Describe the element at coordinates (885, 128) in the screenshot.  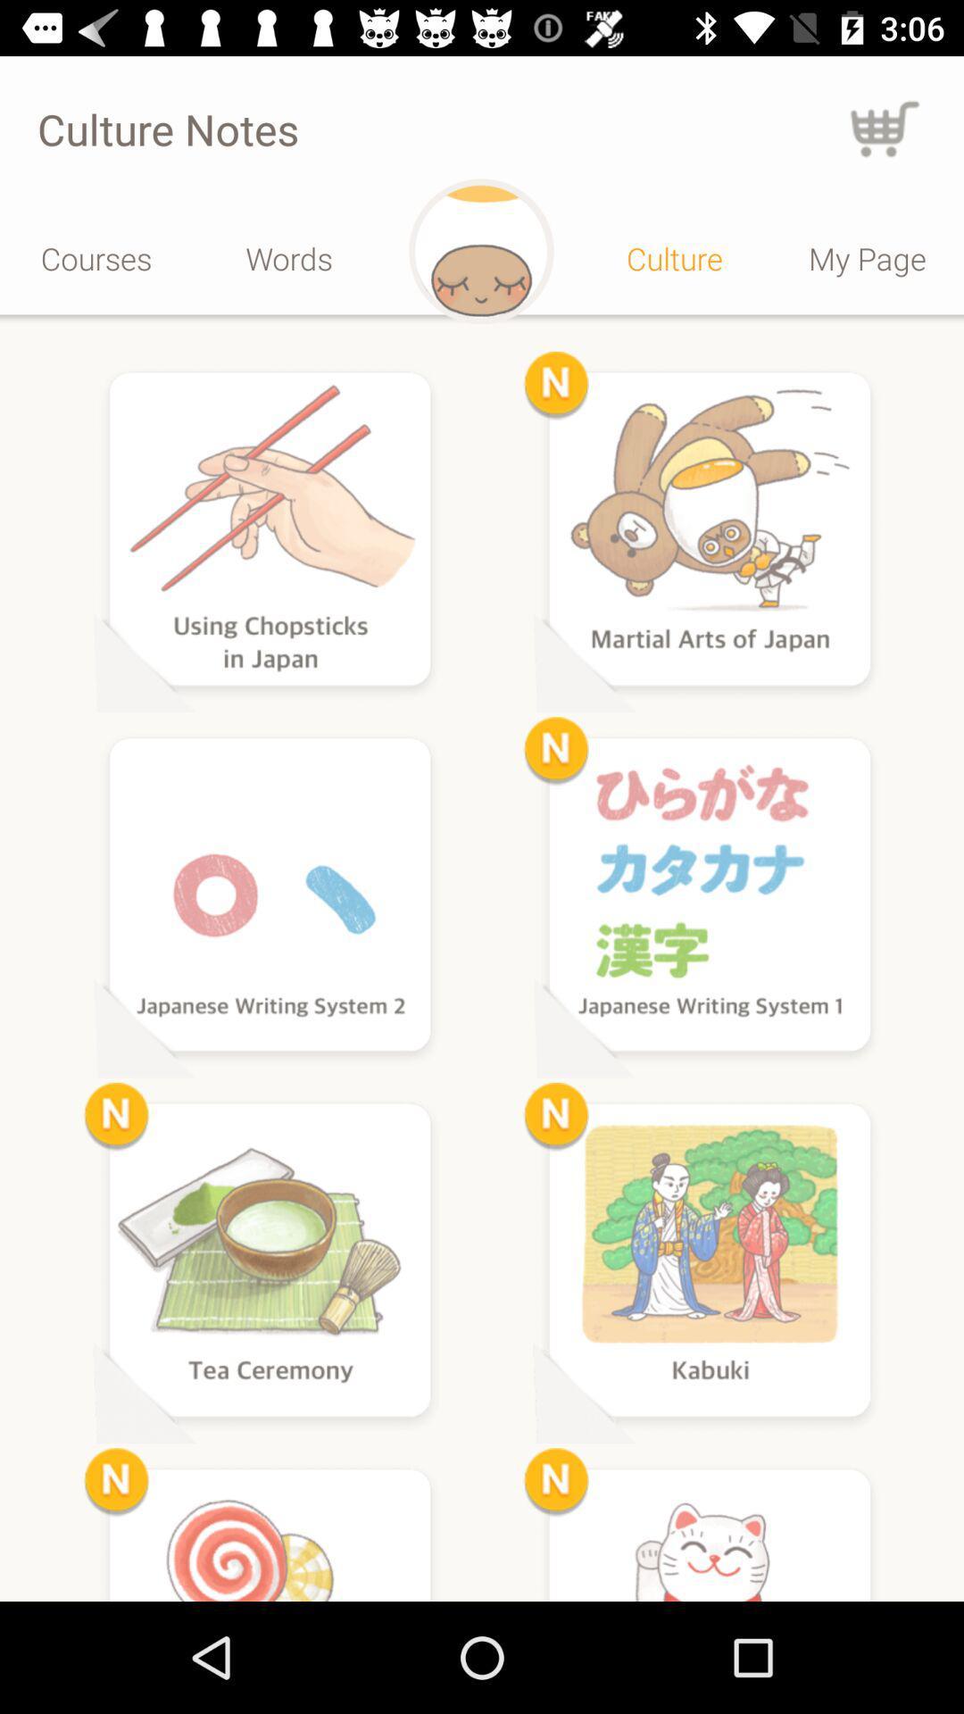
I see `the cart icon` at that location.